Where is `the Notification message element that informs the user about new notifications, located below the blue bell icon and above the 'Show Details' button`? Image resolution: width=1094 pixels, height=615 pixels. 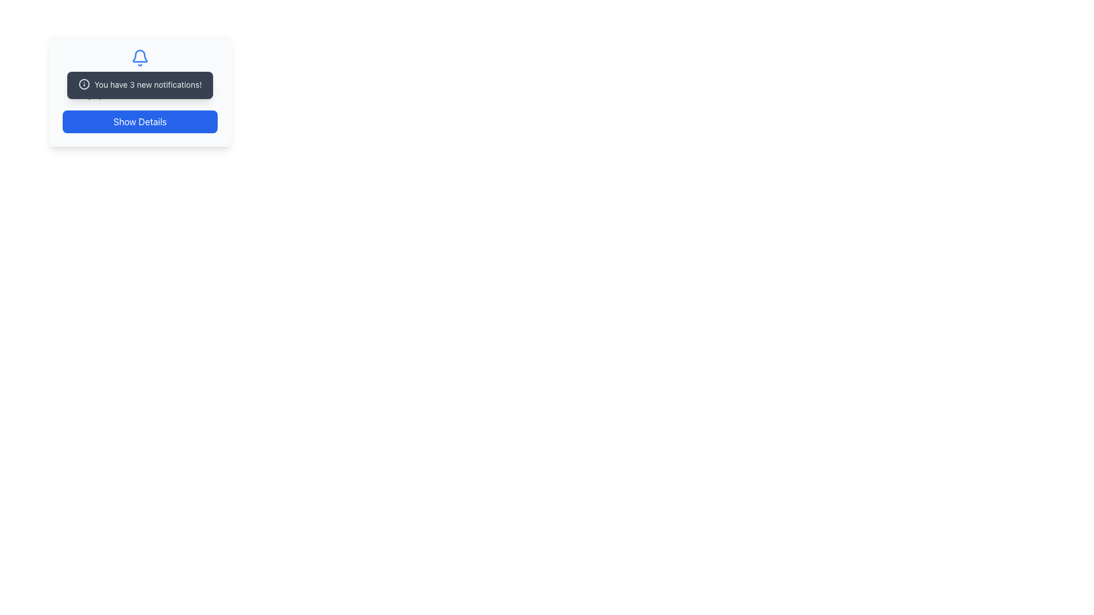
the Notification message element that informs the user about new notifications, located below the blue bell icon and above the 'Show Details' button is located at coordinates (139, 90).